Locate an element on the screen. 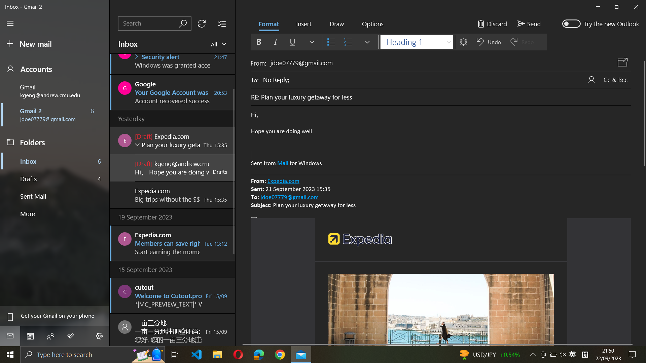  Bold and italicize selected text in the mail body is located at coordinates (441, 139).